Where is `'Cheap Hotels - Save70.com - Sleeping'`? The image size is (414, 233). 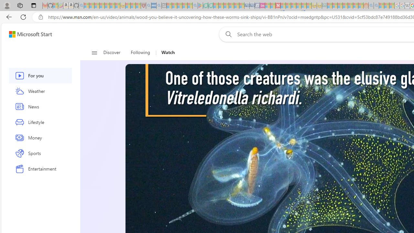
'Cheap Hotels - Save70.com - Sleeping' is located at coordinates (252, 6).